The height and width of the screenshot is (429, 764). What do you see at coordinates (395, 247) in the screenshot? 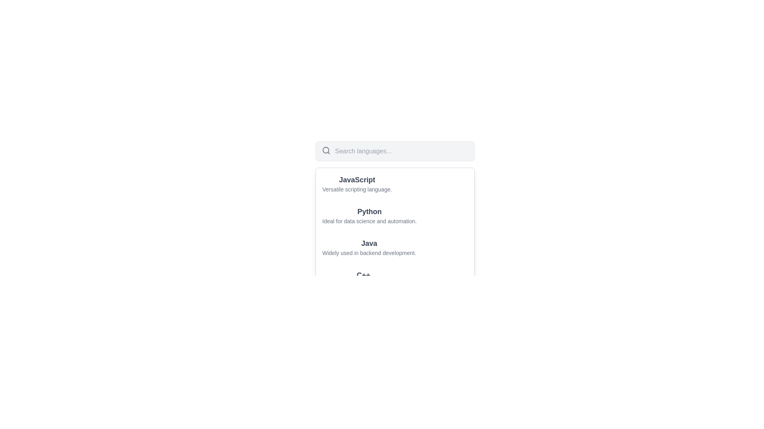
I see `the text block titled 'Java,' which includes the subtitle 'Widely used in backend development.' This block is the third item in a vertically stacked list of programming language descriptions` at bounding box center [395, 247].